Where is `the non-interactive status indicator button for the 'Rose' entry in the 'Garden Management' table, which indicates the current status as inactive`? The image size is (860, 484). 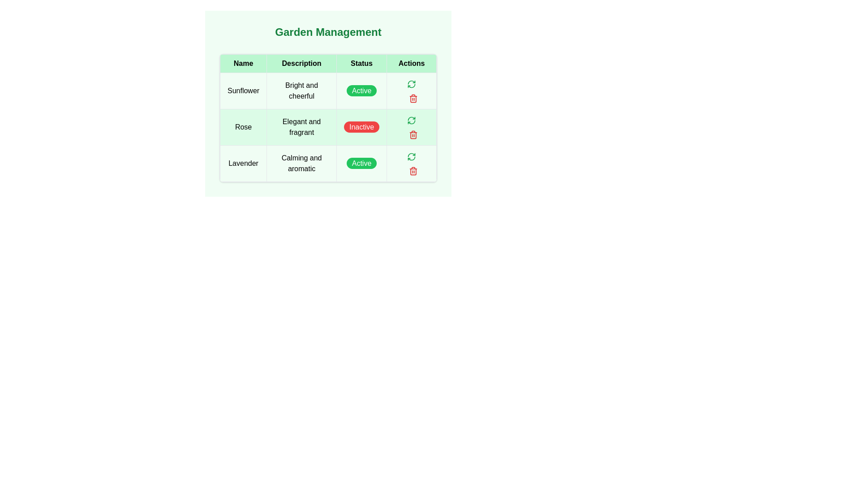
the non-interactive status indicator button for the 'Rose' entry in the 'Garden Management' table, which indicates the current status as inactive is located at coordinates (361, 127).